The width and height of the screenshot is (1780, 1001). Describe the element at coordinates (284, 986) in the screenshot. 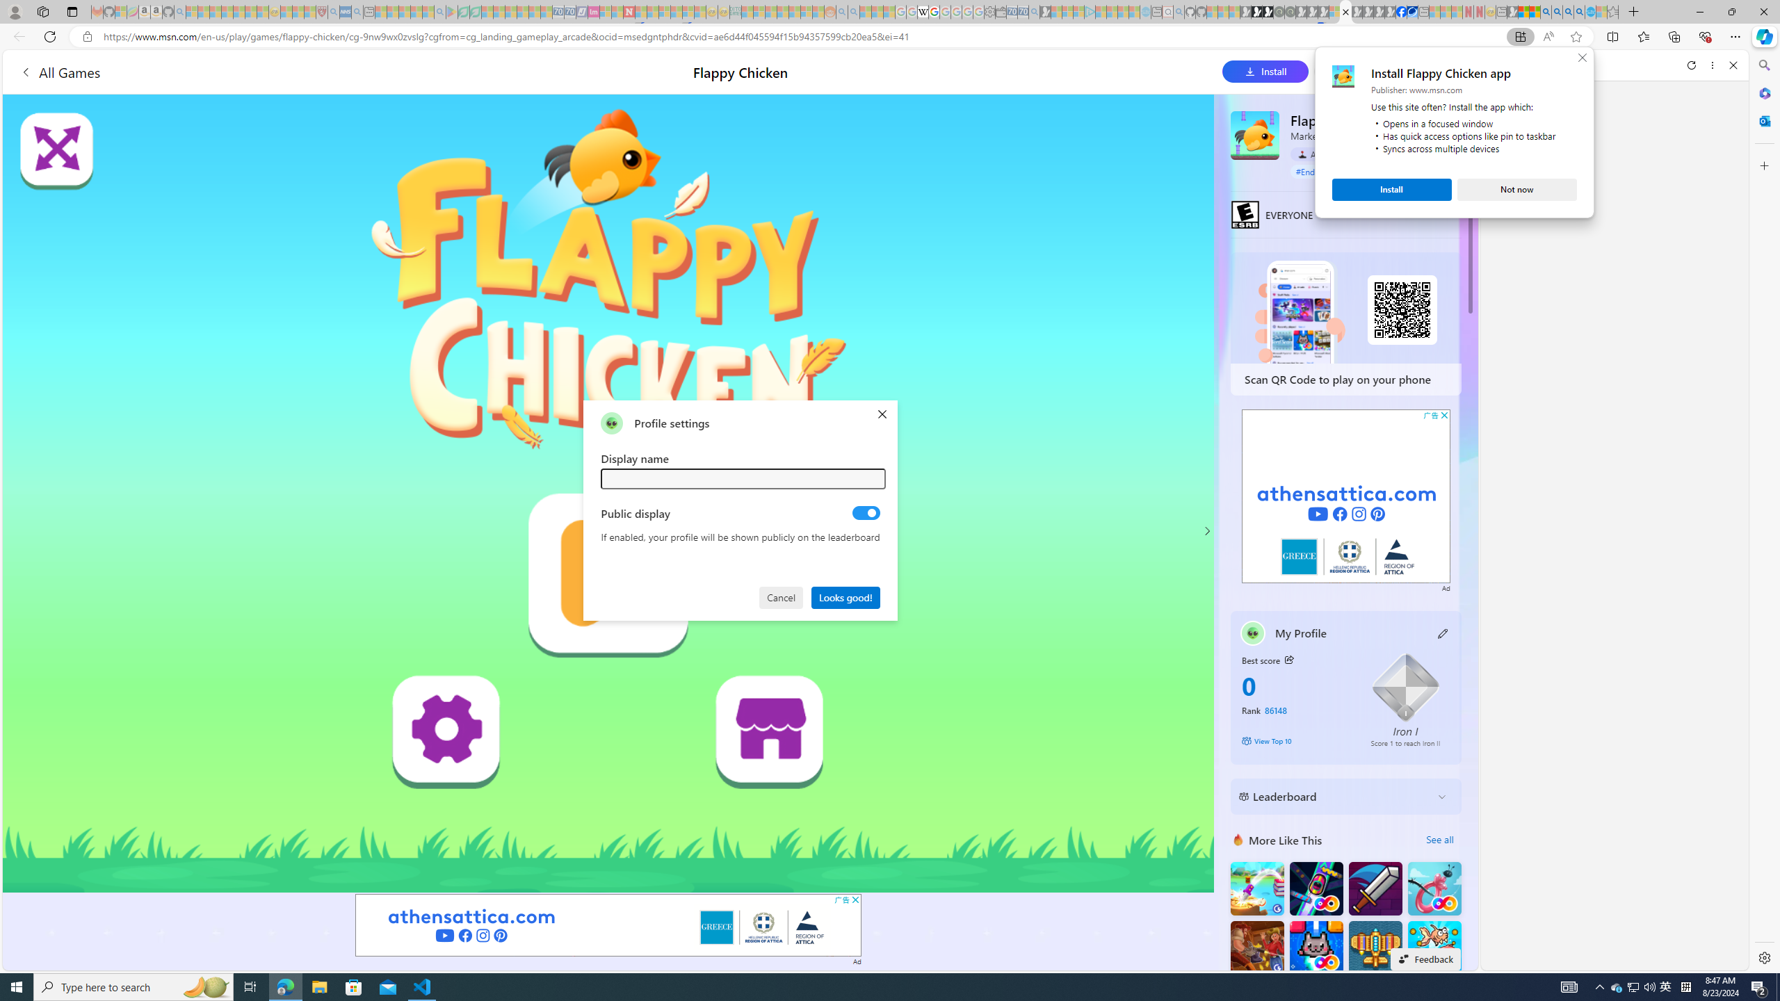

I see `'Microsoft Edge - 1 running window'` at that location.